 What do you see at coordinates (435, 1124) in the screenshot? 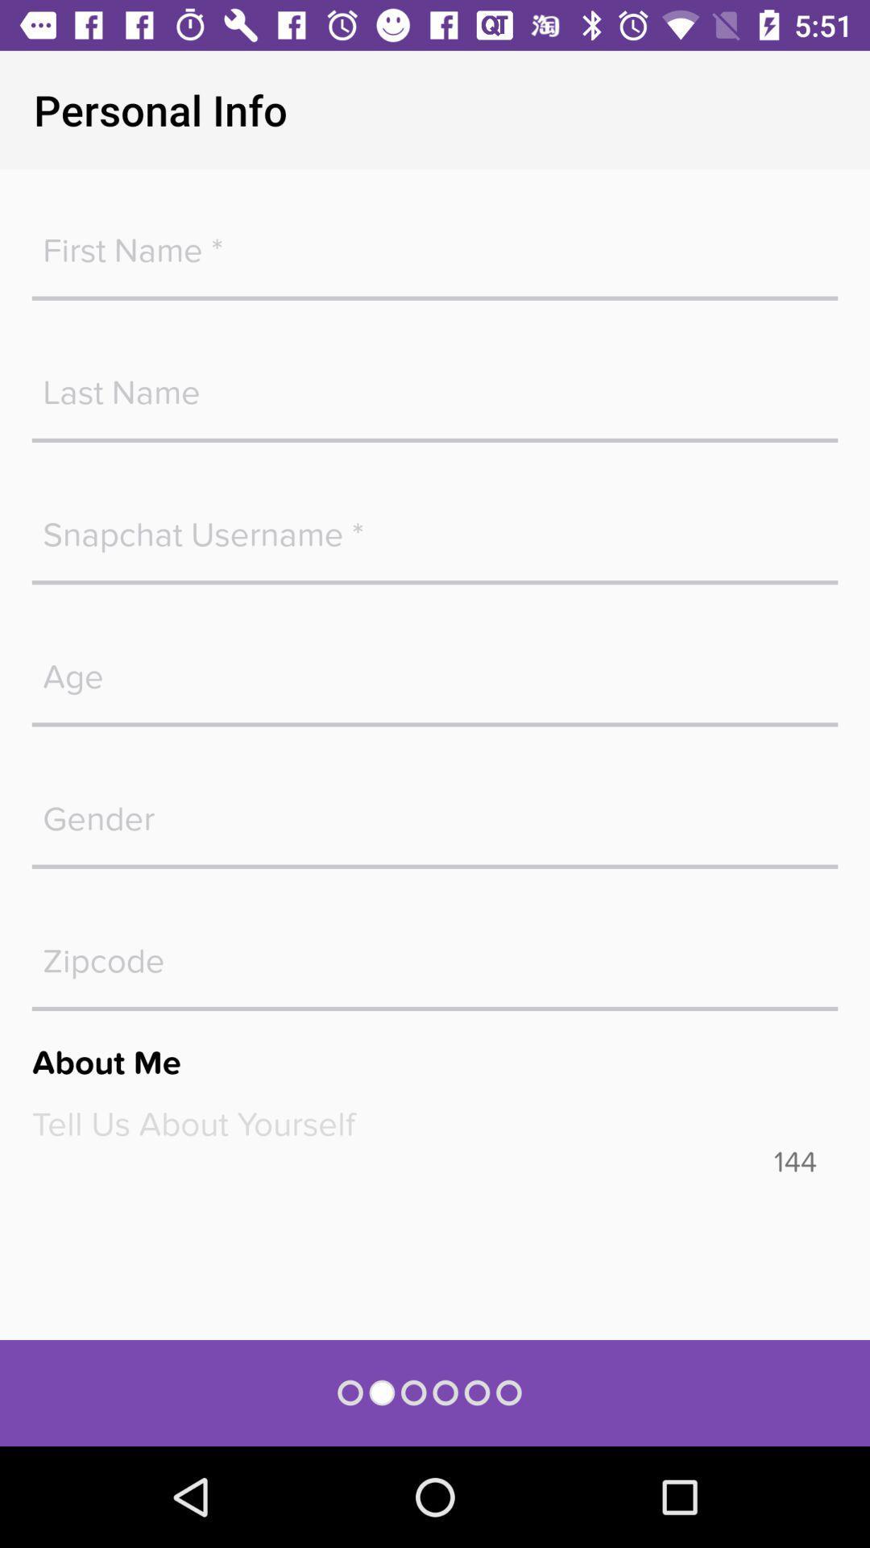
I see `text box` at bounding box center [435, 1124].